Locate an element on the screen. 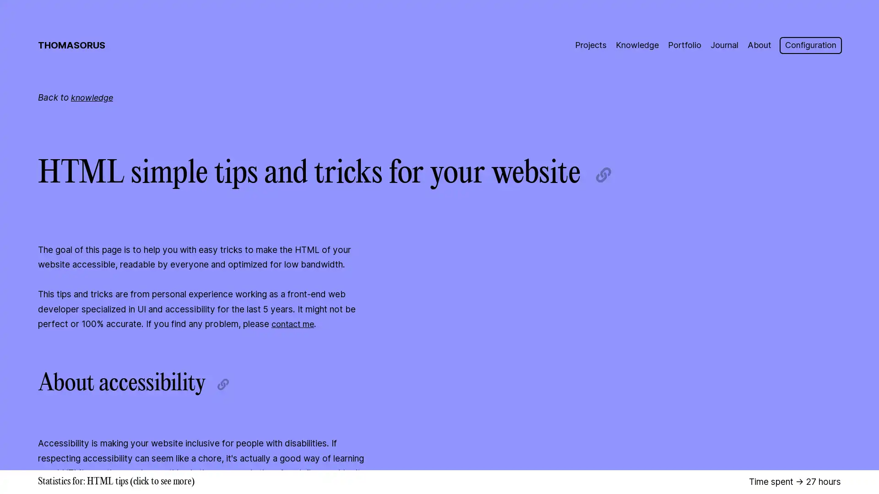  Configuration is located at coordinates (809, 45).